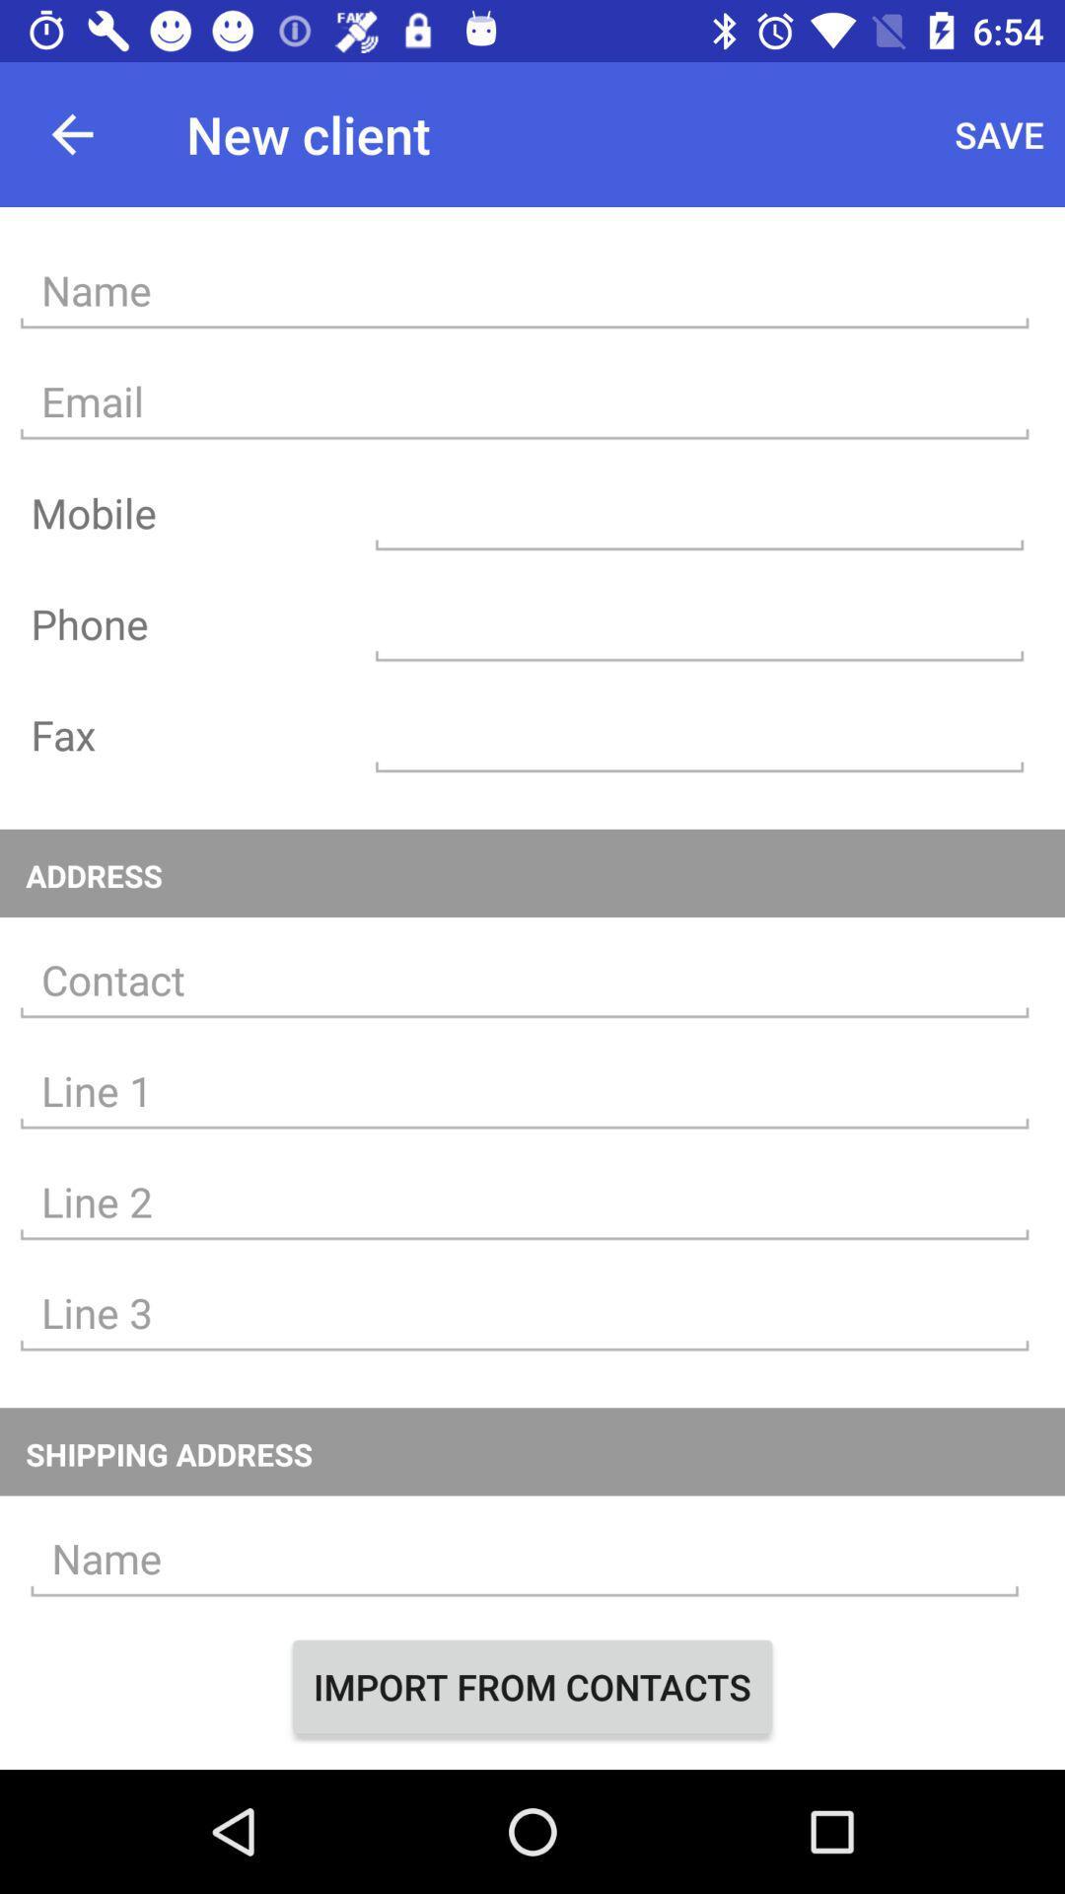  What do you see at coordinates (532, 1685) in the screenshot?
I see `the import from contacts icon` at bounding box center [532, 1685].